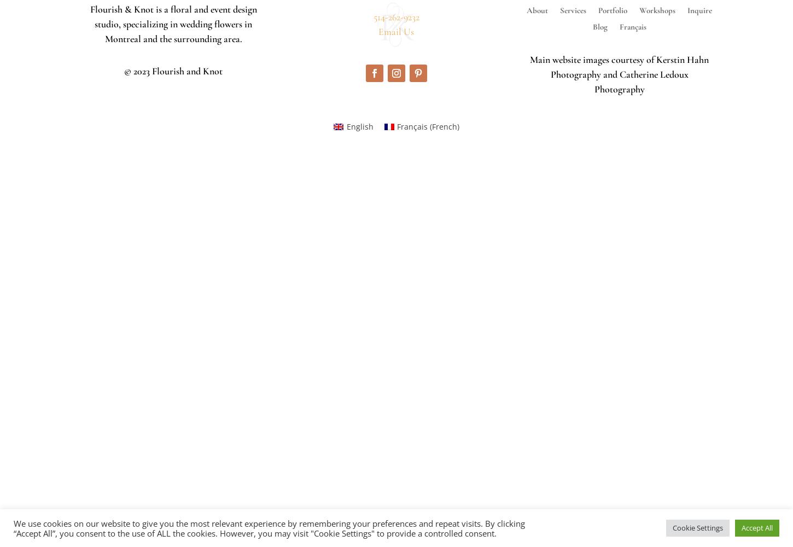  What do you see at coordinates (573, 10) in the screenshot?
I see `'Services'` at bounding box center [573, 10].